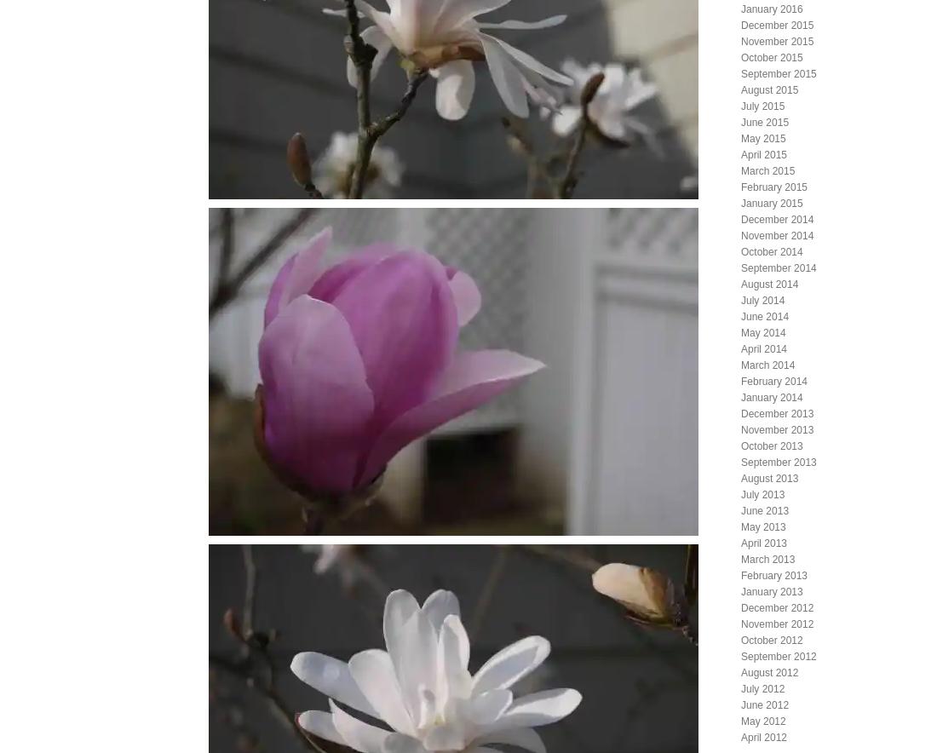  What do you see at coordinates (771, 9) in the screenshot?
I see `'January 2016'` at bounding box center [771, 9].